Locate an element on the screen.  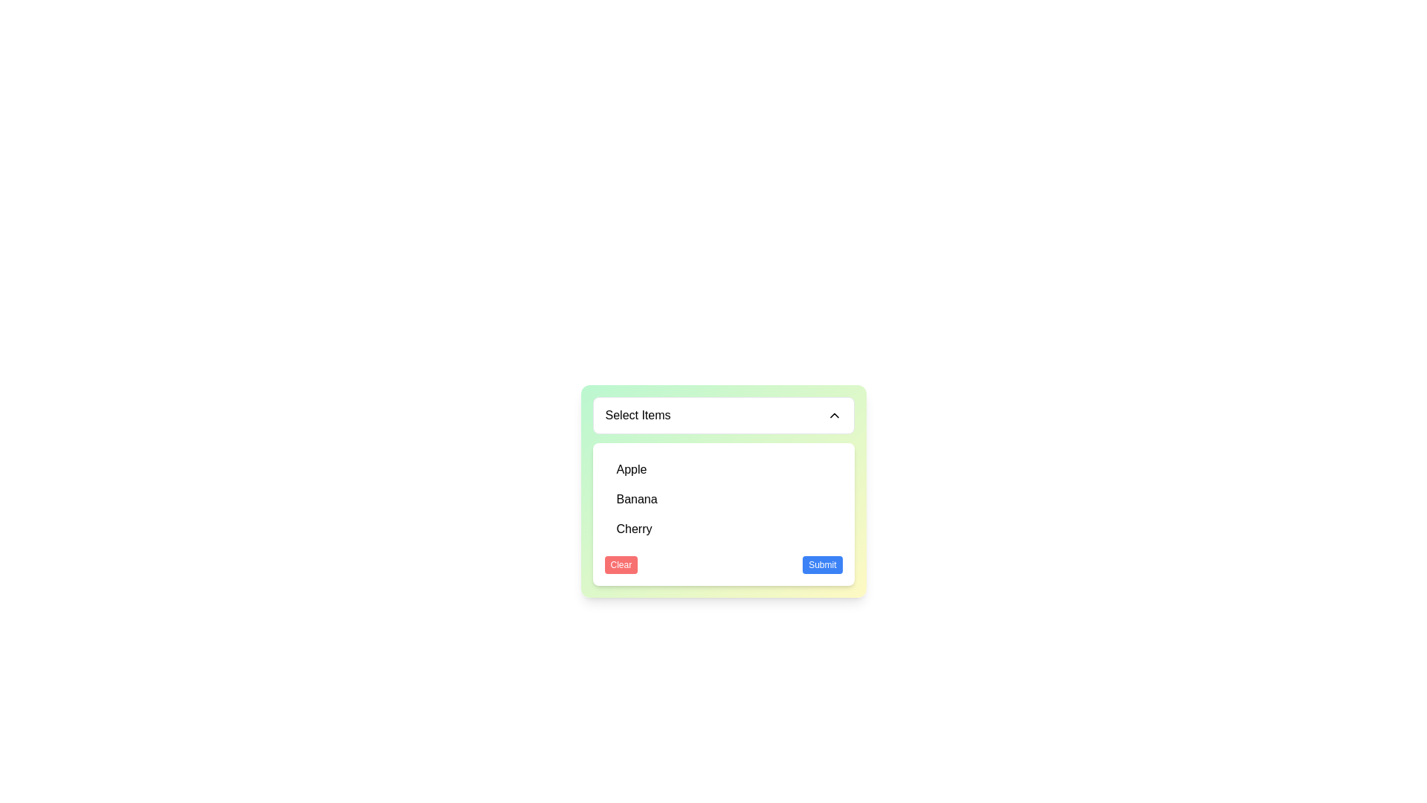
the third item labeled 'Cherry' in the vertical list under the 'Select Items' dropdown is located at coordinates (723, 529).